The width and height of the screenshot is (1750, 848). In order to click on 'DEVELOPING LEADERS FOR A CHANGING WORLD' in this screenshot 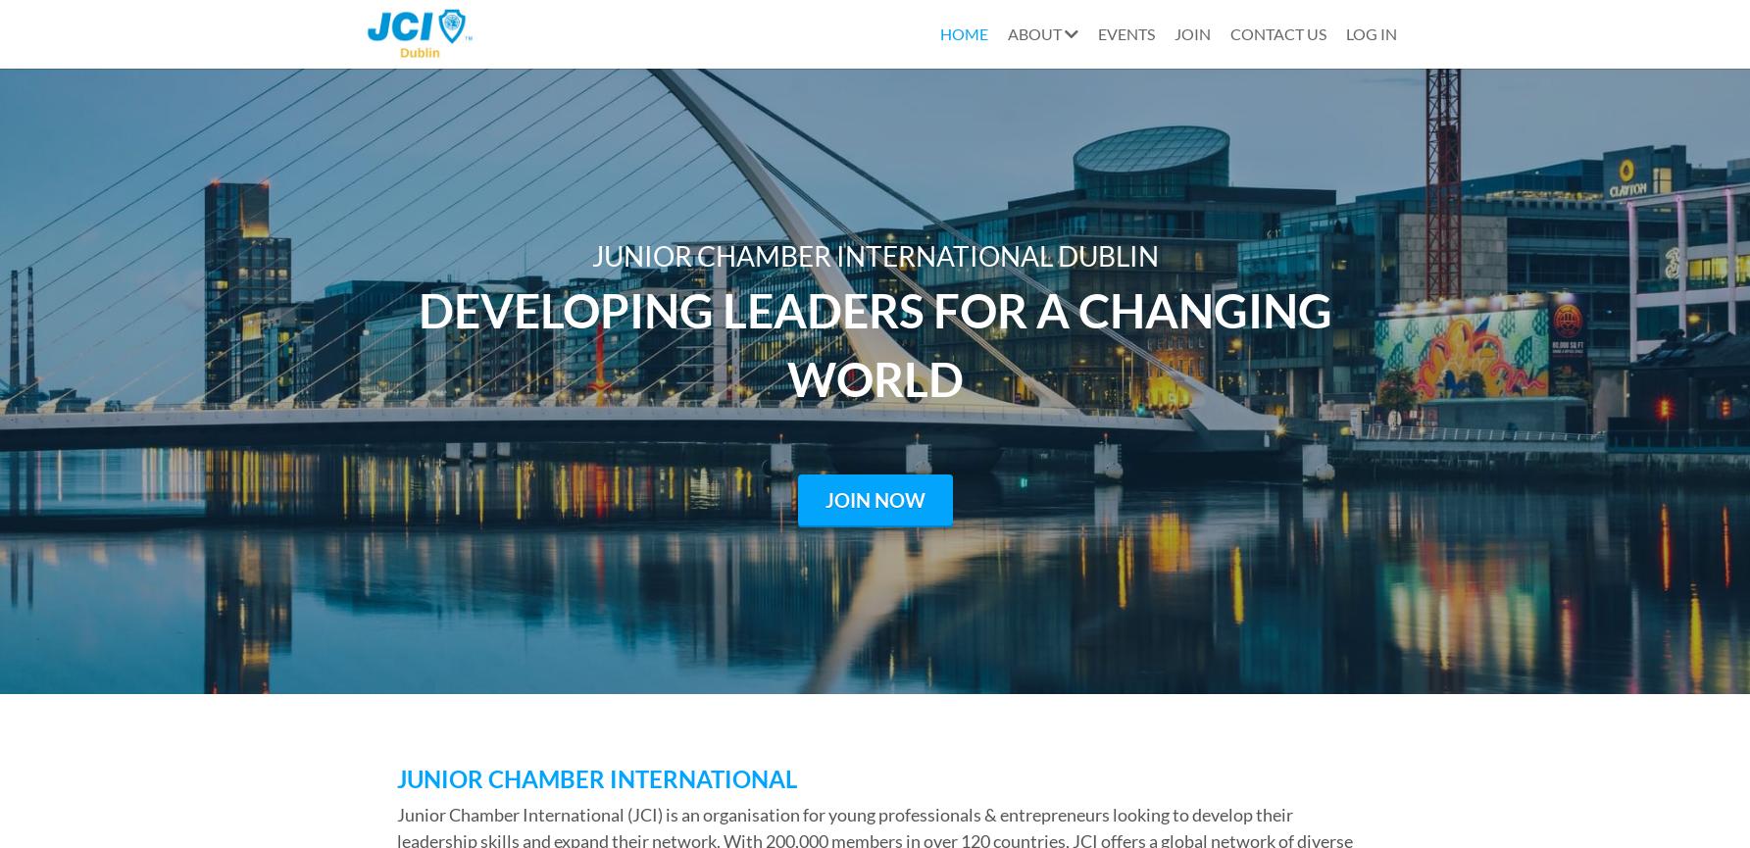, I will do `click(877, 343)`.